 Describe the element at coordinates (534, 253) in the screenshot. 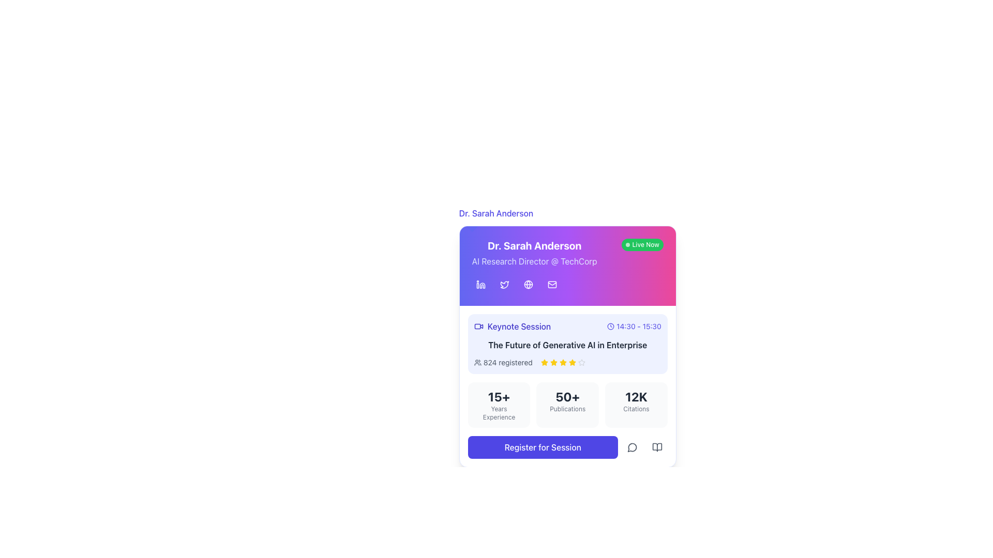

I see `to select the text displayed as 'Dr. Sarah Anderson' on the gradient purple-to-pink background in the top-left corner of the card structure` at that location.